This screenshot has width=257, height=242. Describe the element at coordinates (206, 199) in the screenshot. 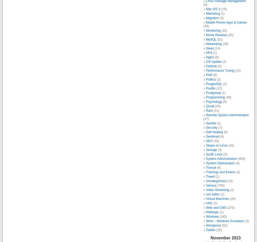

I see `'Virtual Machines'` at that location.